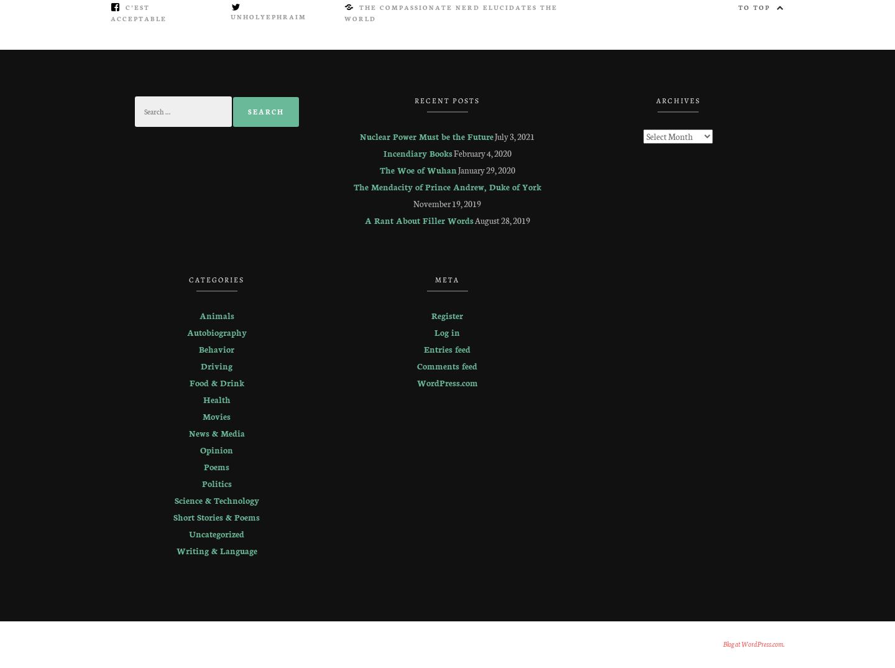  I want to click on 'Science & Technology', so click(216, 499).